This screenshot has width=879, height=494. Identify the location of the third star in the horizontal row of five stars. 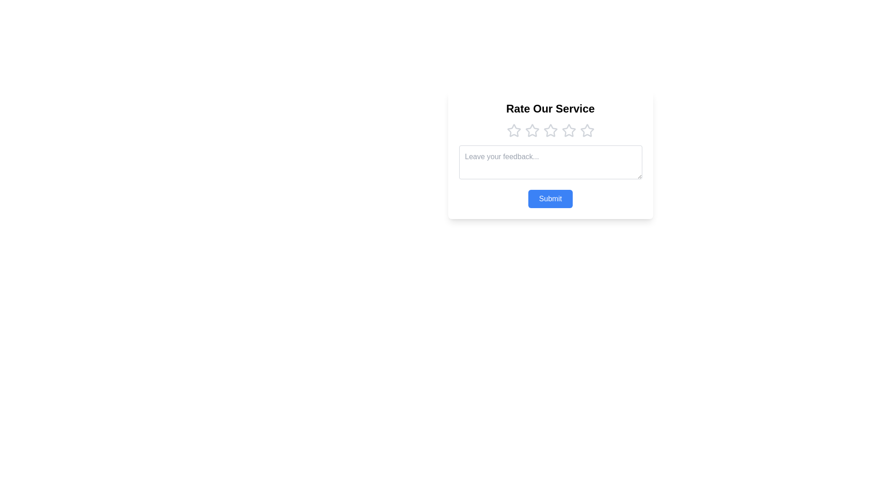
(568, 130).